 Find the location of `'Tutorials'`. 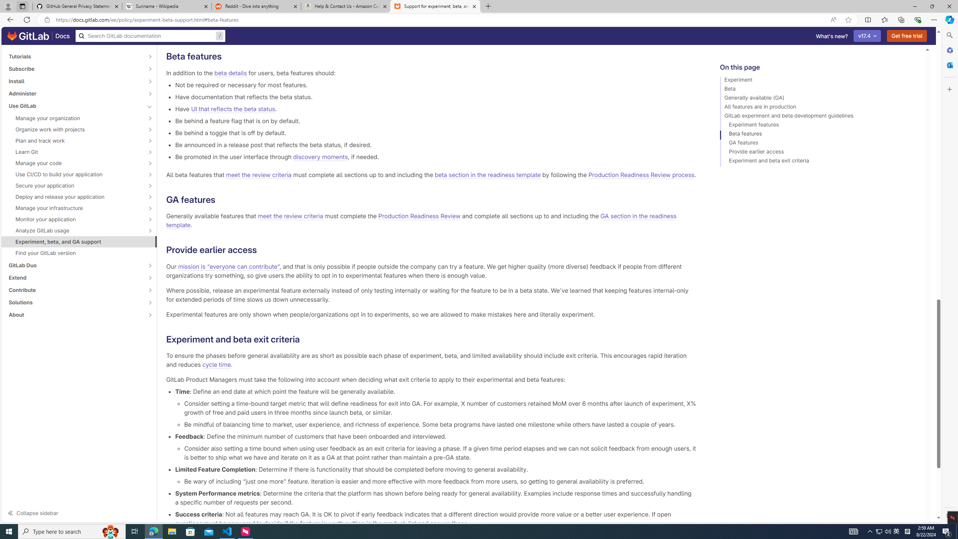

'Tutorials' is located at coordinates (74, 56).